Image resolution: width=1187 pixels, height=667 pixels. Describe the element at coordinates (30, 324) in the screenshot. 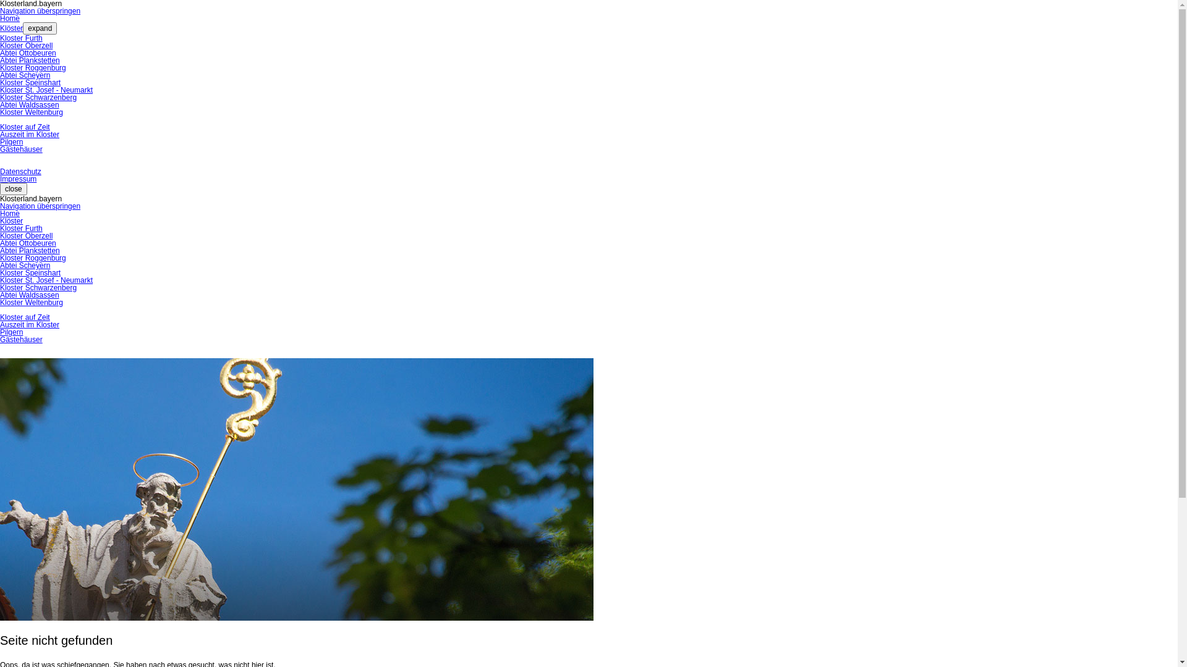

I see `'Auszeit im Kloster'` at that location.